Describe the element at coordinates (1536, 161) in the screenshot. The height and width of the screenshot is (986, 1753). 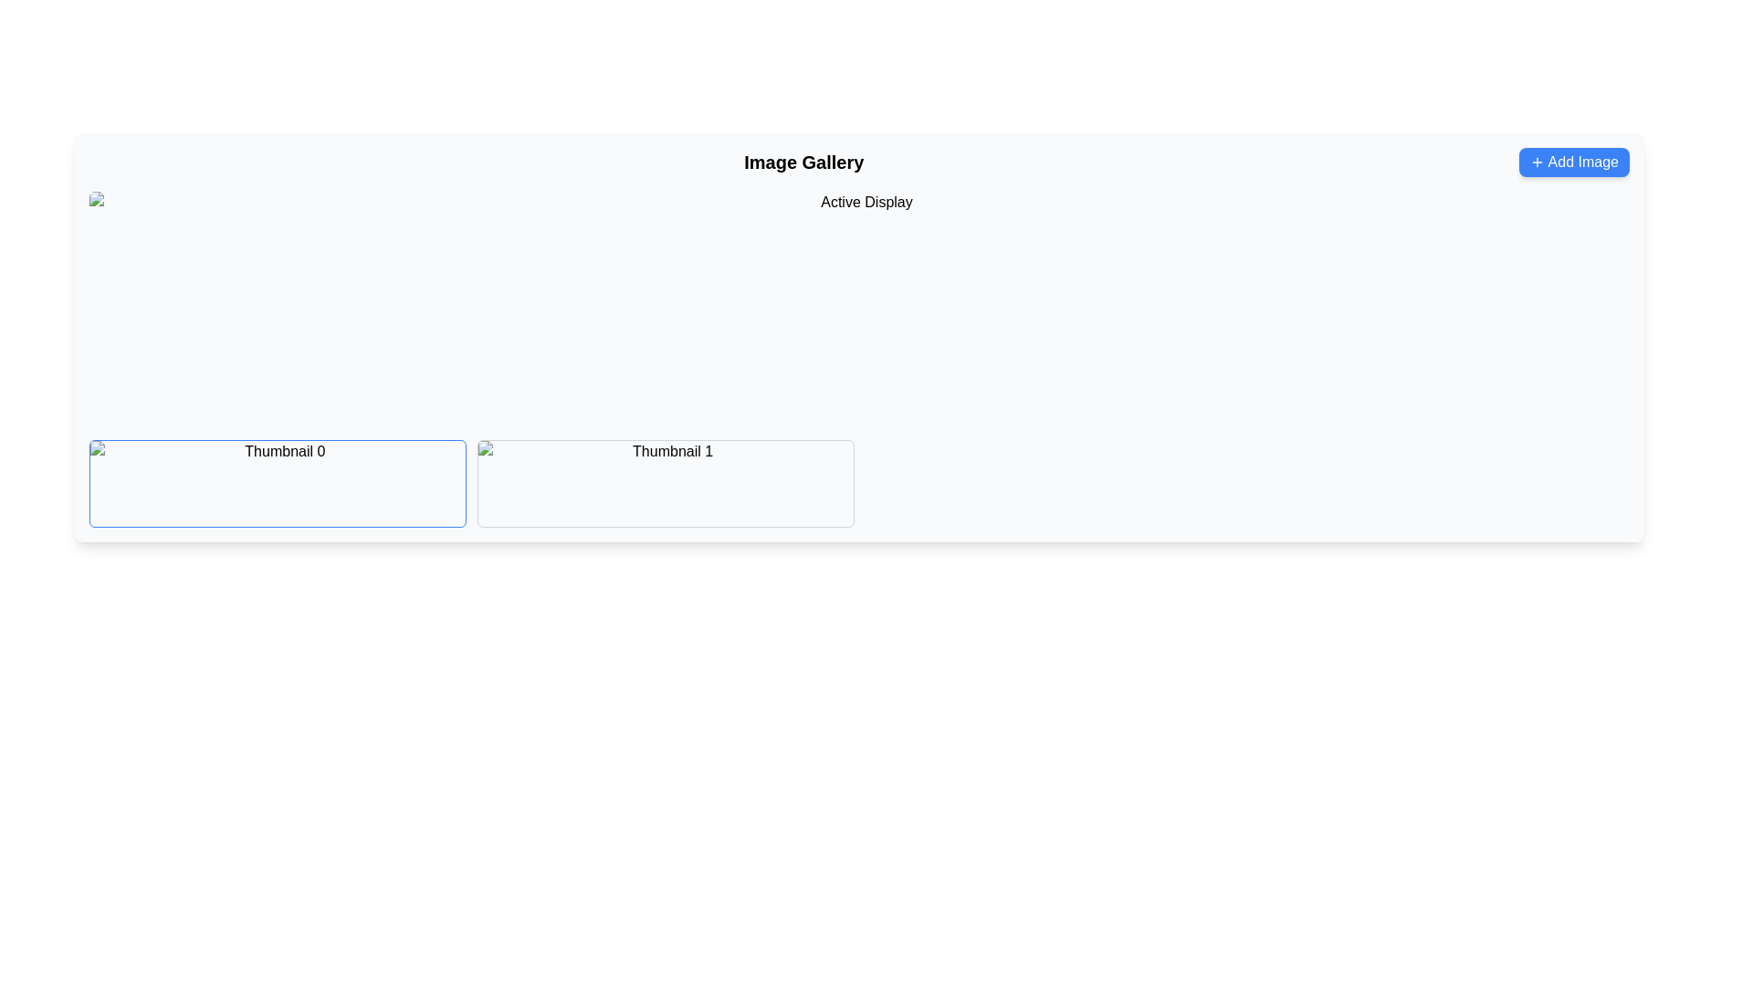
I see `the icon representing the addition or creation of content located to the left of the 'Add Image' button's text` at that location.